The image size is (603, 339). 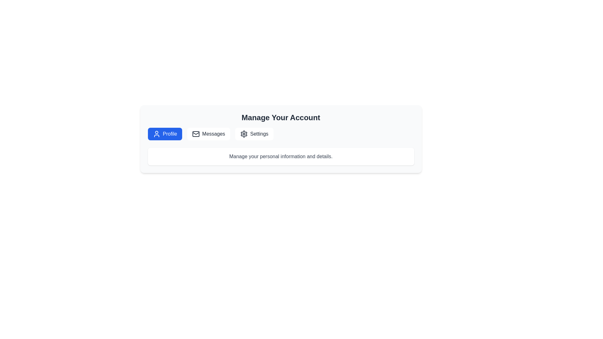 I want to click on the 'Messages' button which contains the triangular envelope flap graphic, styled with a dark stroke color, so click(x=195, y=133).